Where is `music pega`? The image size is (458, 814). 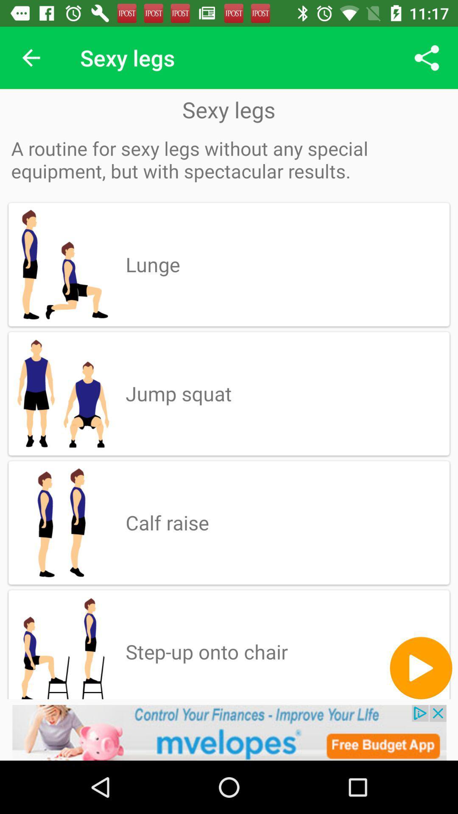
music pega is located at coordinates (421, 667).